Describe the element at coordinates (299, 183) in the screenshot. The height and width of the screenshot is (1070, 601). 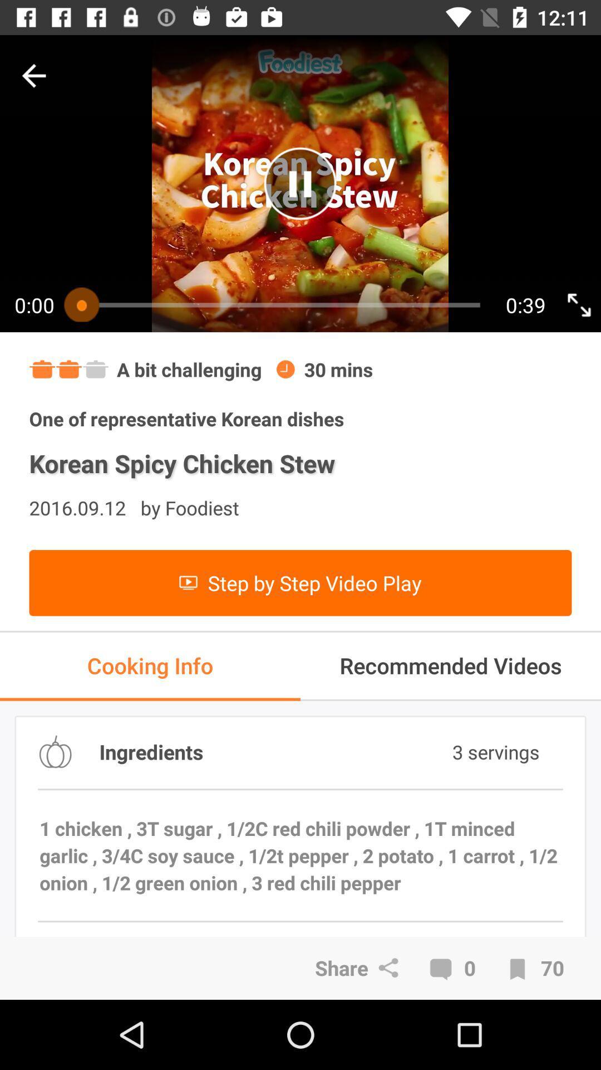
I see `play` at that location.